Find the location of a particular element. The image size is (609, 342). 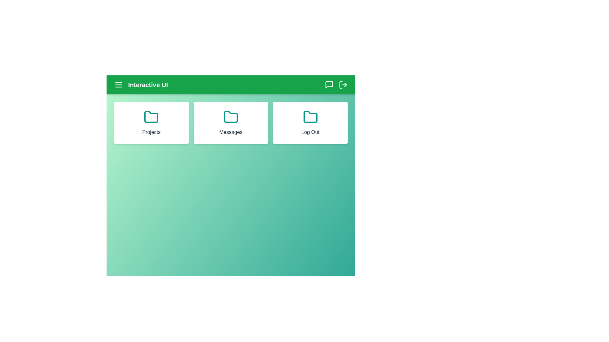

the Projects card to navigate to its respective section is located at coordinates (151, 123).